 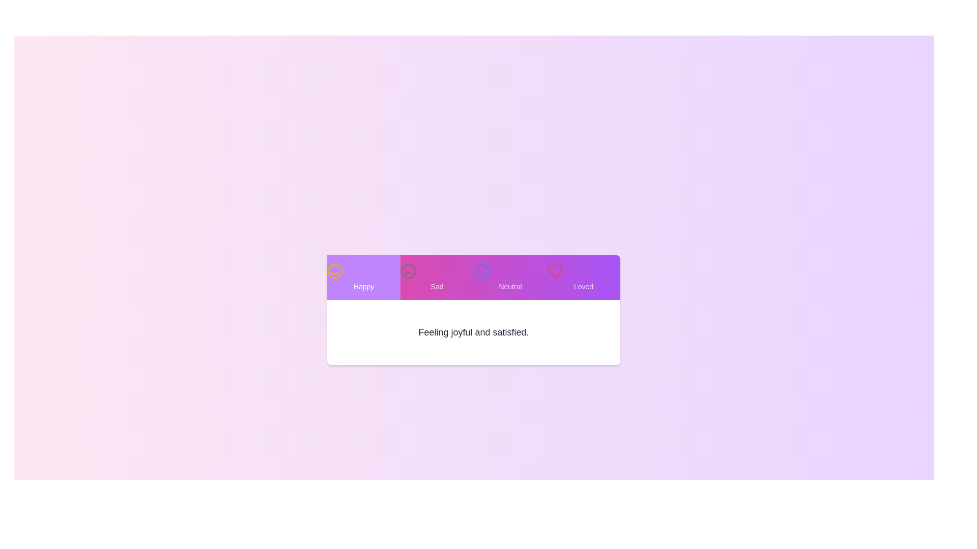 What do you see at coordinates (364, 278) in the screenshot?
I see `the mood button labeled Happy to select it` at bounding box center [364, 278].